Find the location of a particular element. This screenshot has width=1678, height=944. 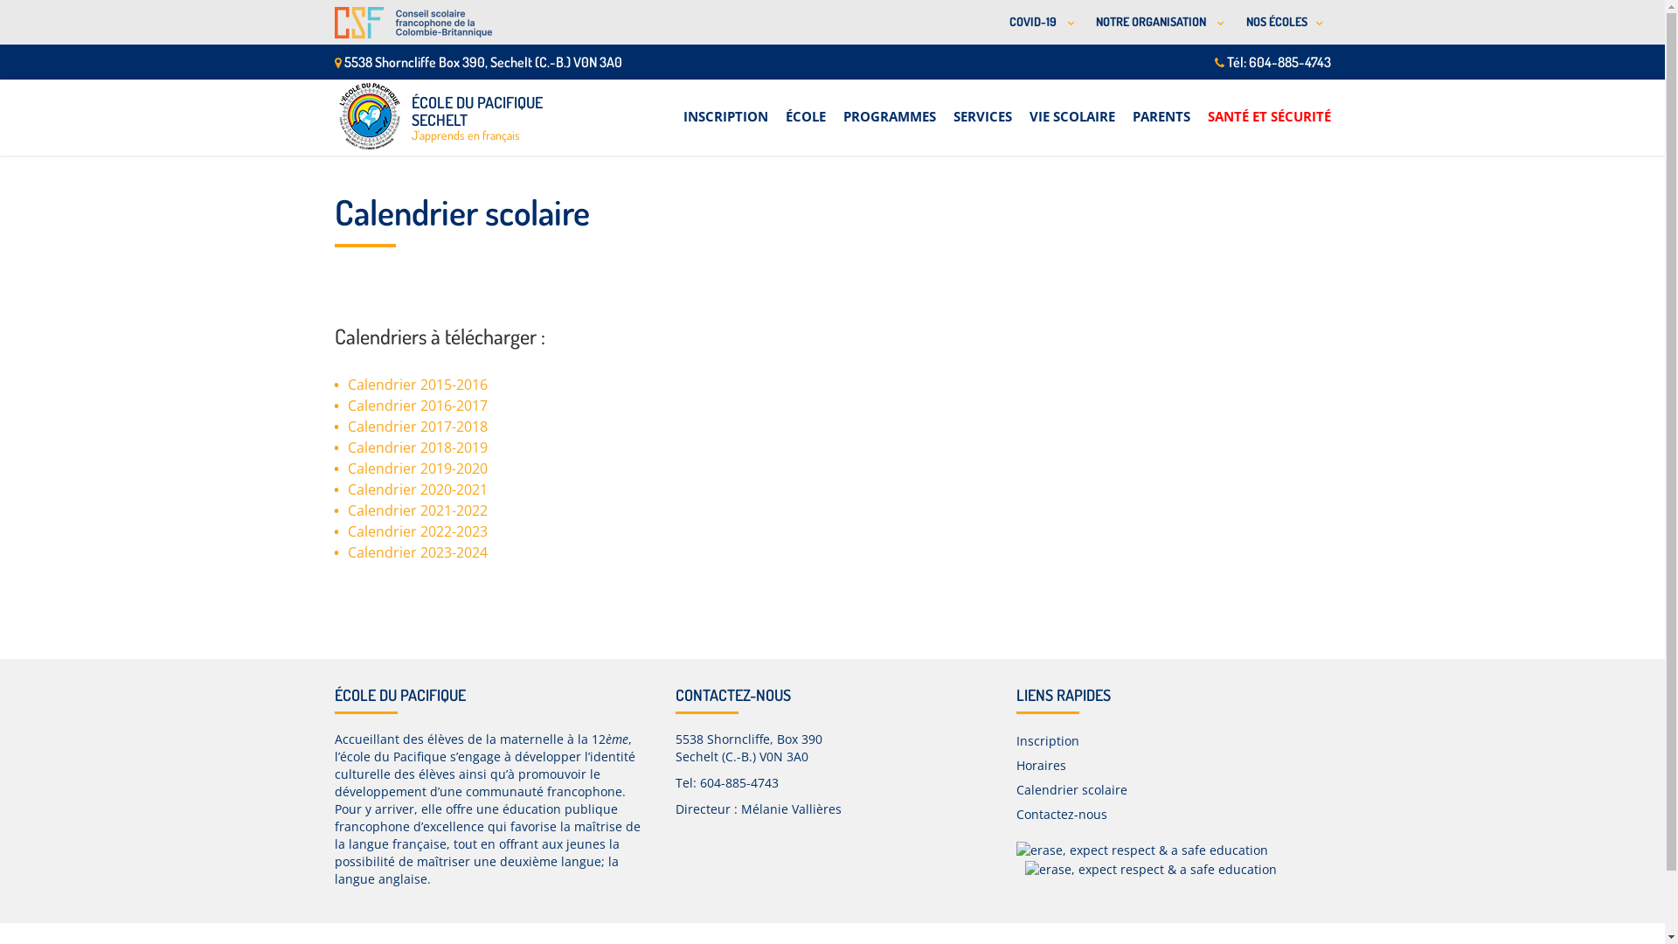

'SERVICES' is located at coordinates (981, 107).